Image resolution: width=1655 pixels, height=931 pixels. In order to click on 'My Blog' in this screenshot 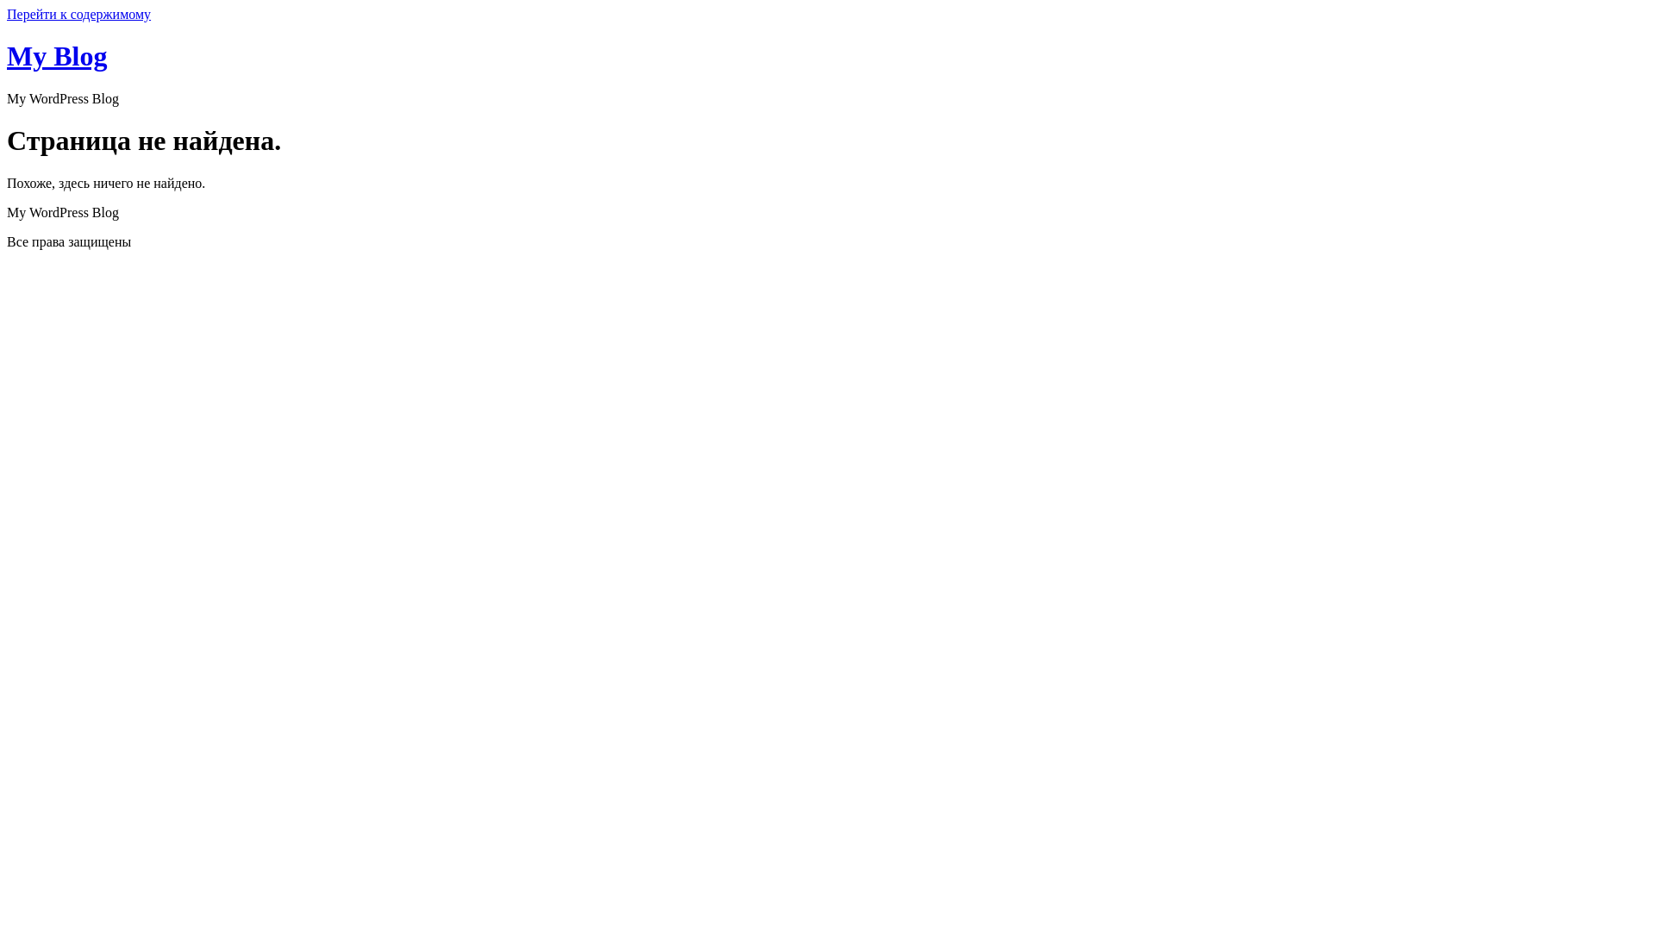, I will do `click(57, 55)`.